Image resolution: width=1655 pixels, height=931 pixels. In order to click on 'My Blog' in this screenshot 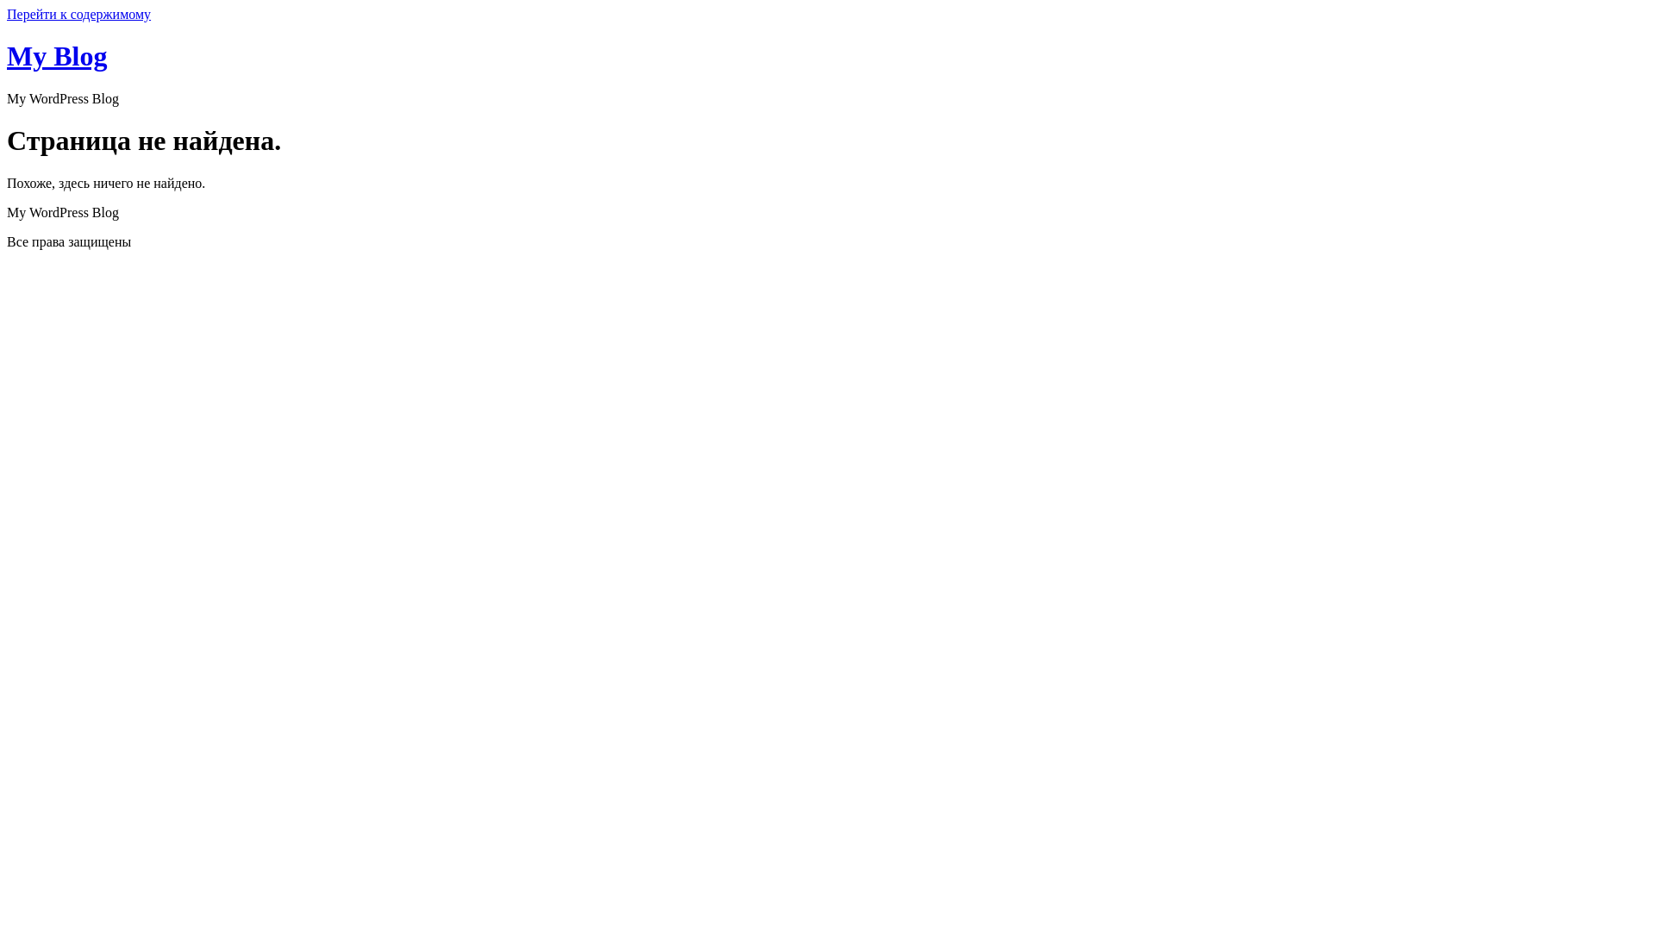, I will do `click(57, 55)`.